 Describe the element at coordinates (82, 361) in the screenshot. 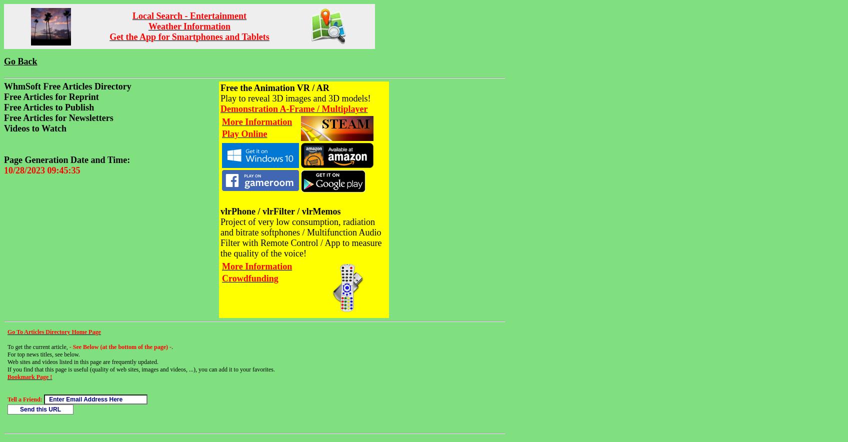

I see `'Web sites and videos listed in this page are frequently updated.'` at that location.